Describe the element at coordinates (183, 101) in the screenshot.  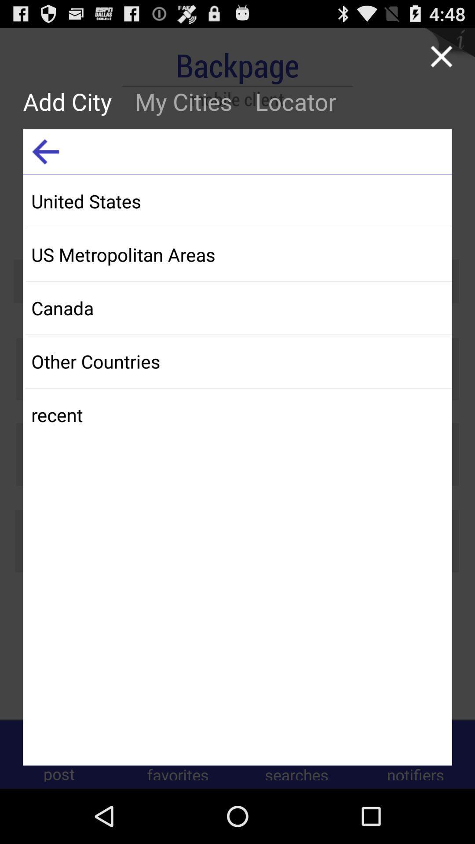
I see `the button next to locator` at that location.